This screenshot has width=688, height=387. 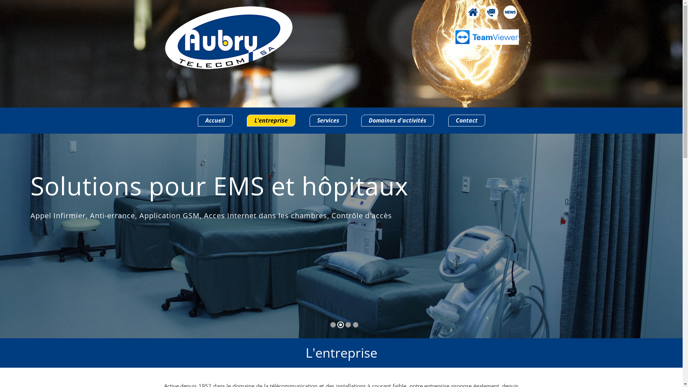 What do you see at coordinates (215, 120) in the screenshot?
I see `'Accueil'` at bounding box center [215, 120].